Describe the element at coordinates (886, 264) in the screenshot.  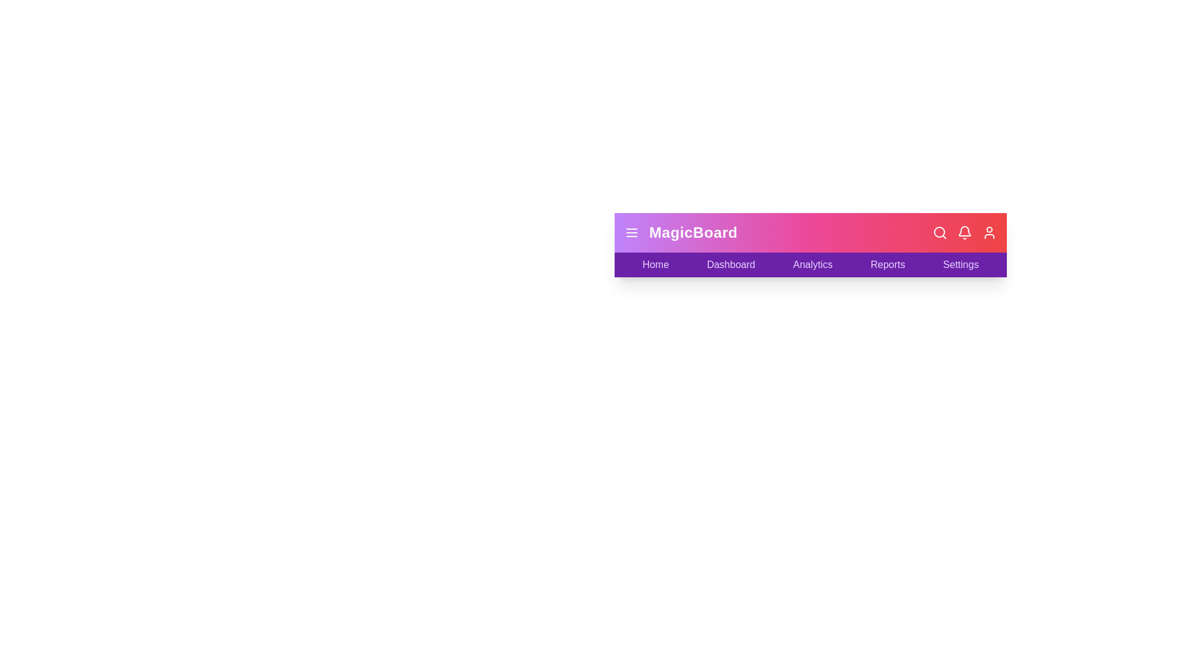
I see `the Reports label to navigate to the respective section` at that location.